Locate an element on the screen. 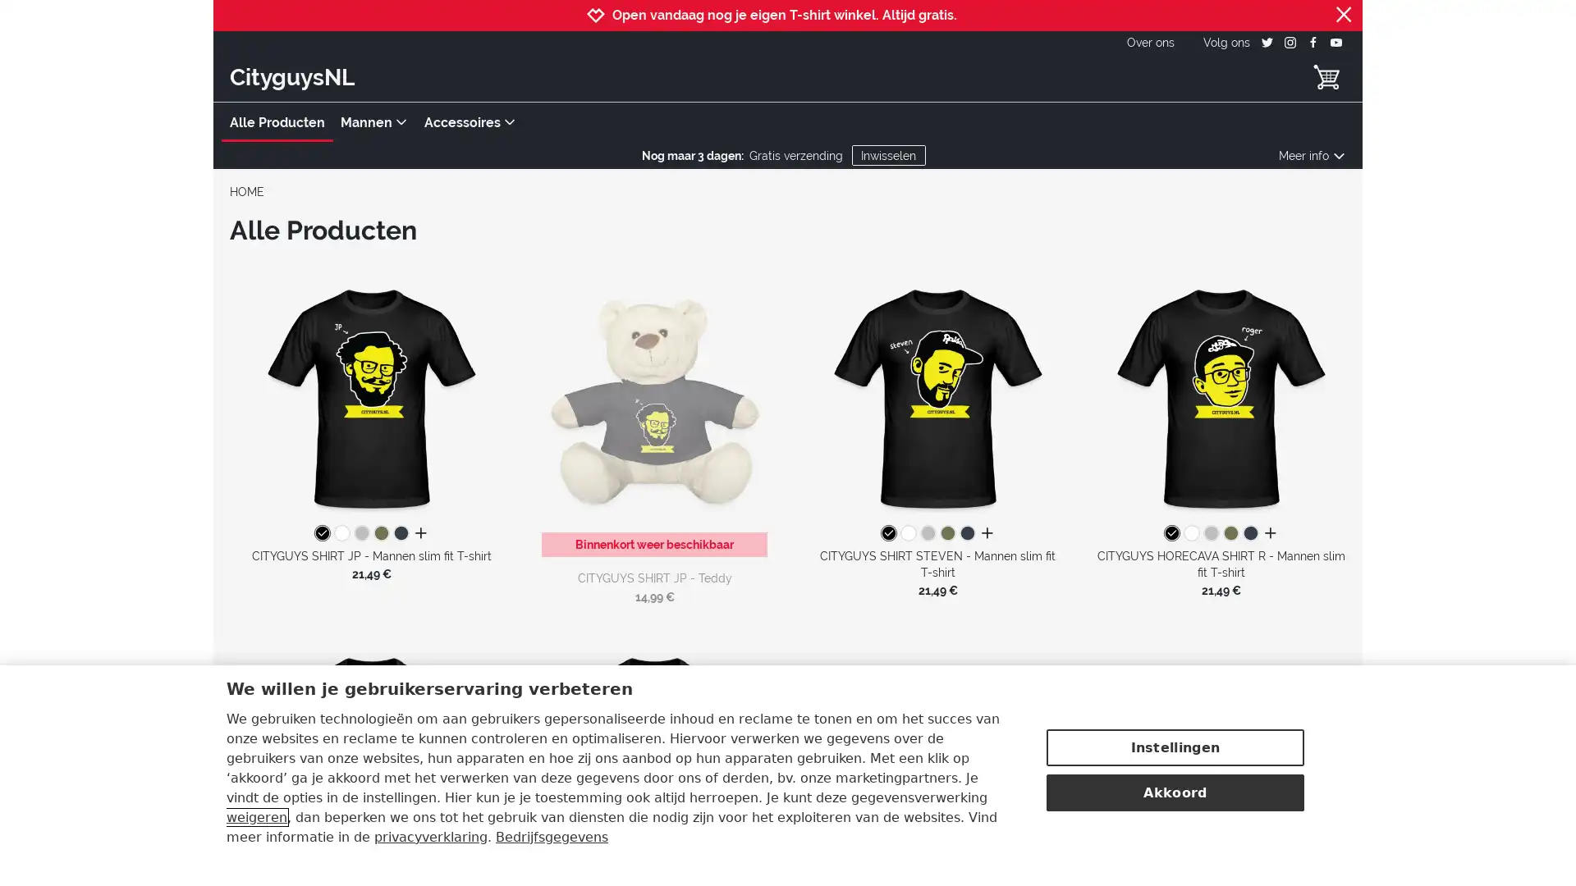  navy is located at coordinates (1248, 534).